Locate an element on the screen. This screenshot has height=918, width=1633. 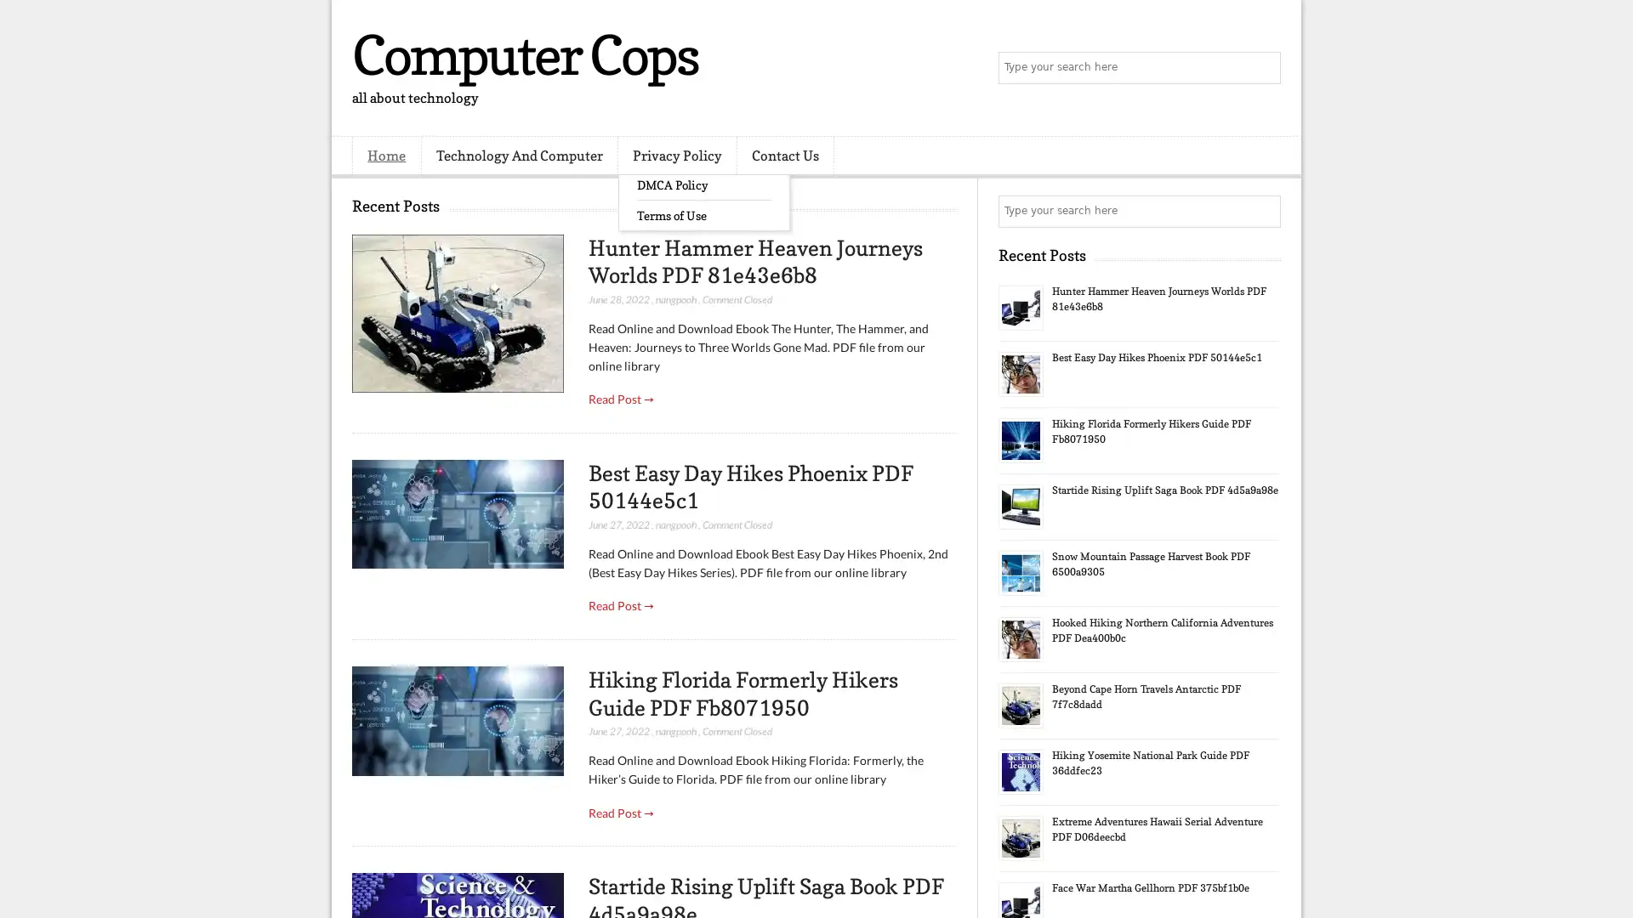
Search is located at coordinates (1263, 211).